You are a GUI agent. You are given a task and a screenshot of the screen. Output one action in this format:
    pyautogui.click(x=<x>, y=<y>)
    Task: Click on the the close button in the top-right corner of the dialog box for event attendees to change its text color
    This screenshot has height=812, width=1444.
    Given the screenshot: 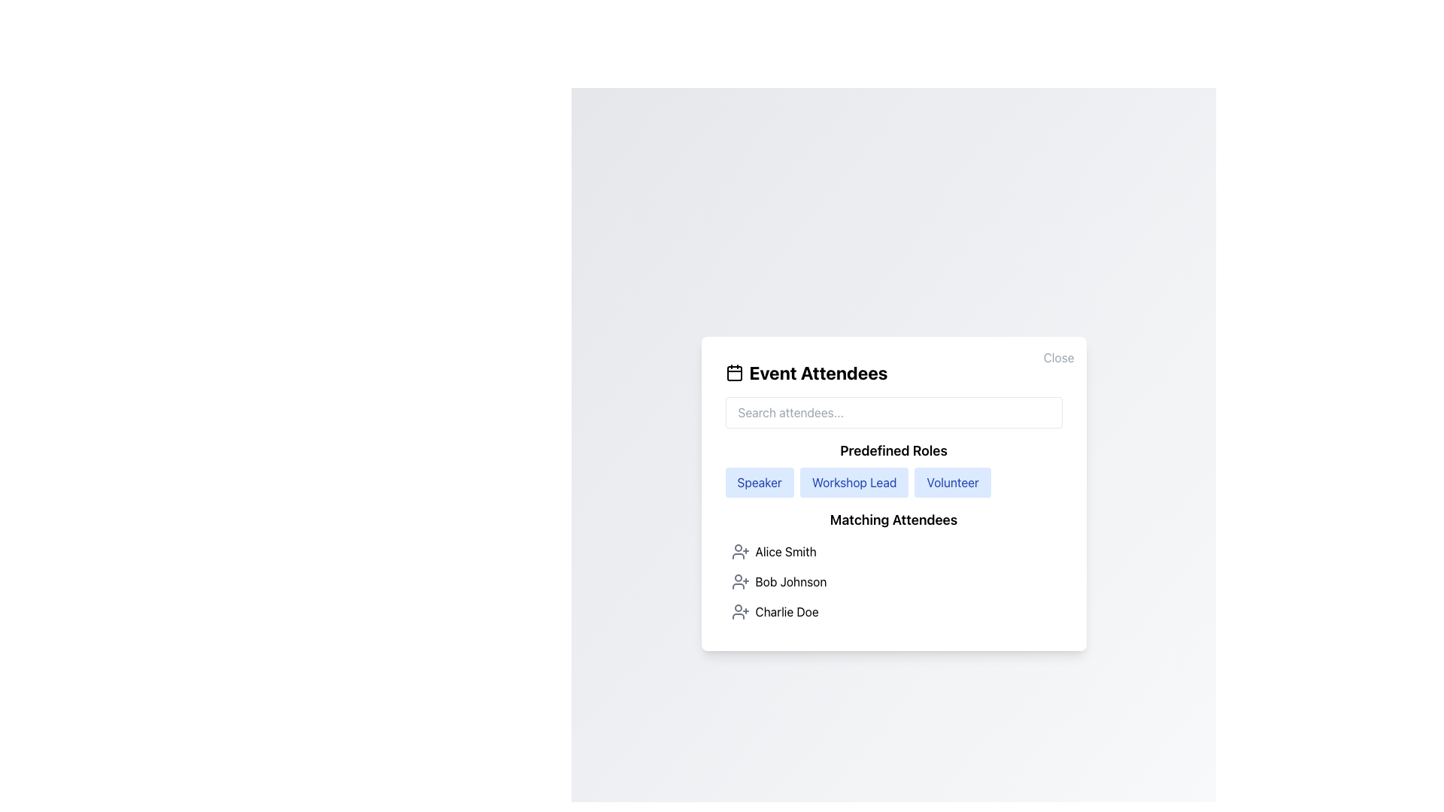 What is the action you would take?
    pyautogui.click(x=1058, y=357)
    